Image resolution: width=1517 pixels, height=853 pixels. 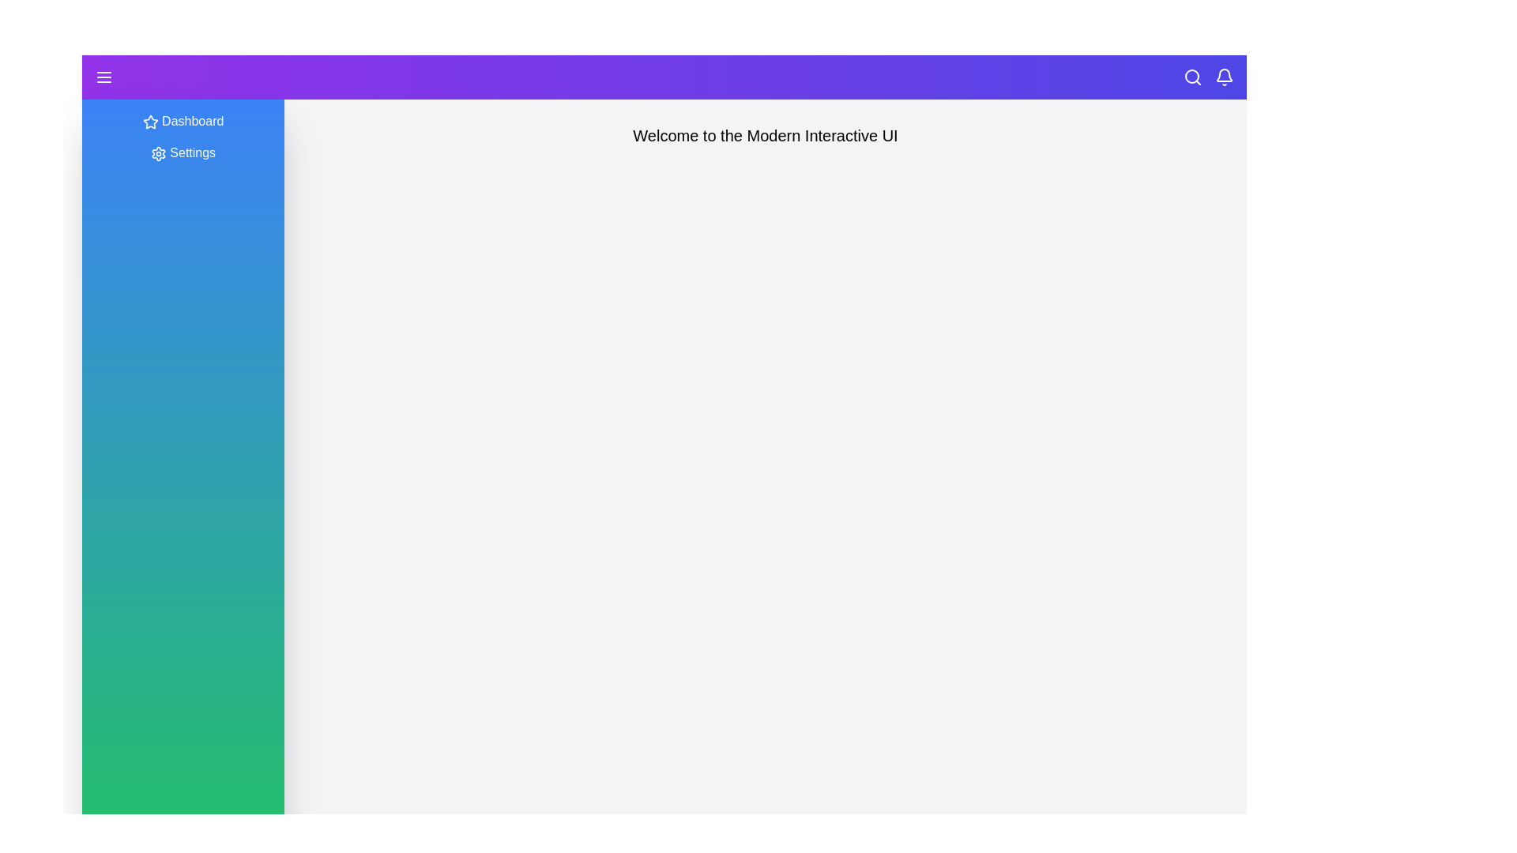 What do you see at coordinates (104, 77) in the screenshot?
I see `menu button to toggle the sidebar visibility` at bounding box center [104, 77].